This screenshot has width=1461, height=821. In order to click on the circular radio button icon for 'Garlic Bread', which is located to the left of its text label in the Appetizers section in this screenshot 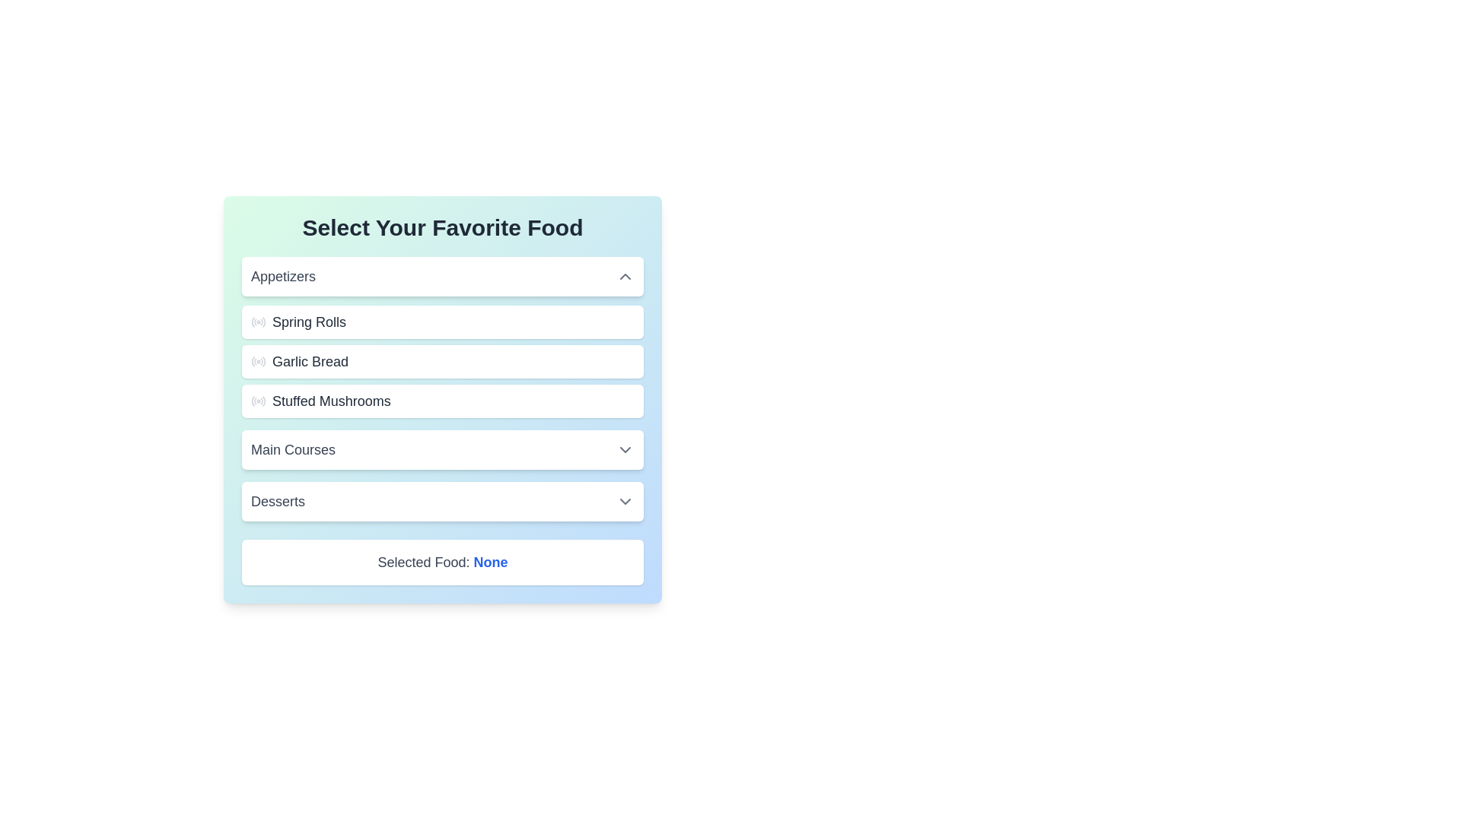, I will do `click(259, 361)`.